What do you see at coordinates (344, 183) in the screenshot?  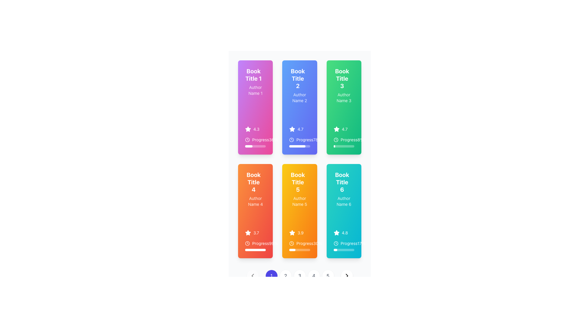 I see `the Text Label that indicates the name of the book within the 'Book Title 6' card, centrally placed near the top of the card in the third column of the second row` at bounding box center [344, 183].